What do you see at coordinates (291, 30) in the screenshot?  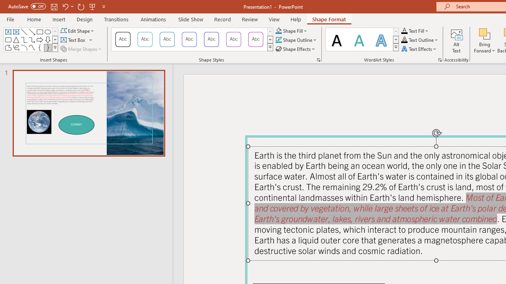 I see `'Shape Fill'` at bounding box center [291, 30].